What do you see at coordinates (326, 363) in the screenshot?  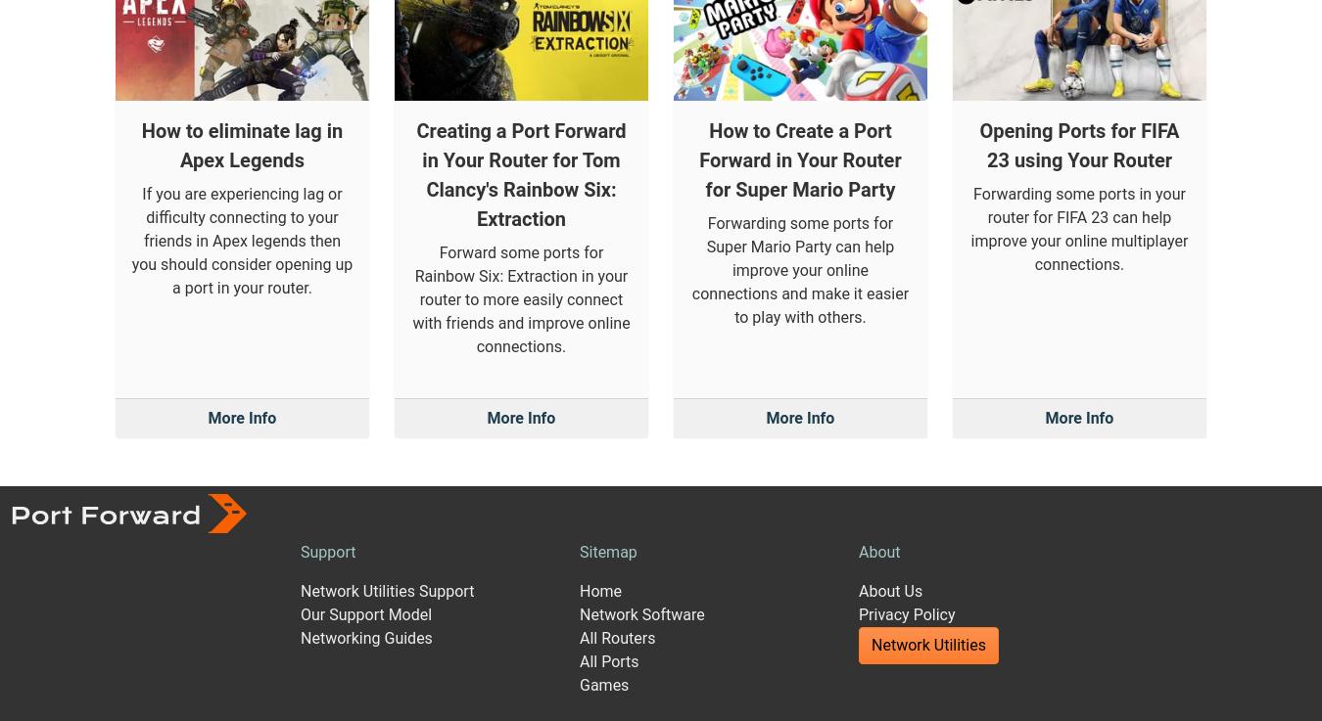 I see `'Support'` at bounding box center [326, 363].